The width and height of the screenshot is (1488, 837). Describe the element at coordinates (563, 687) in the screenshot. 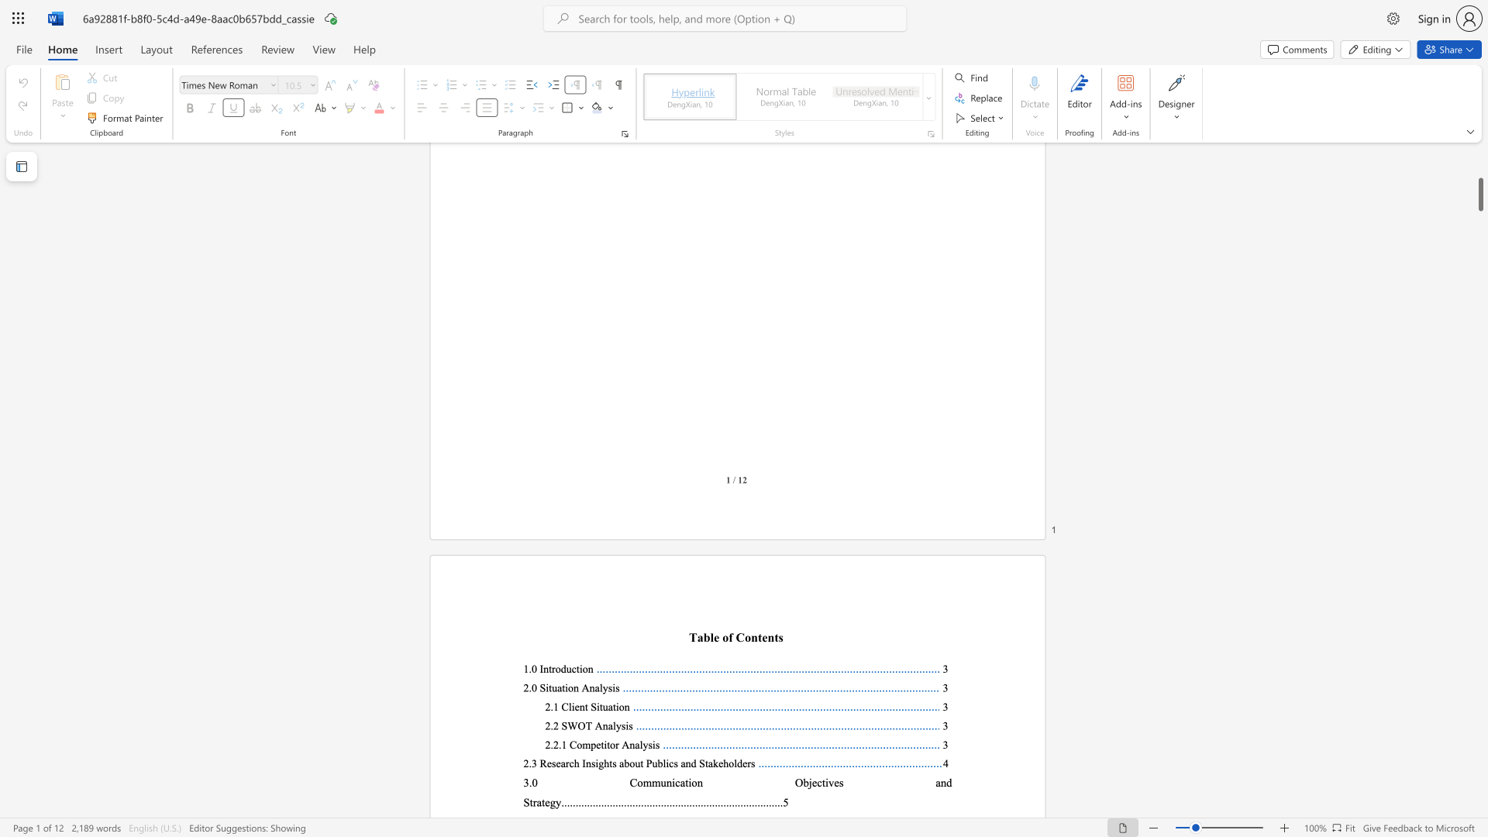

I see `the 2th character "t" in the text` at that location.